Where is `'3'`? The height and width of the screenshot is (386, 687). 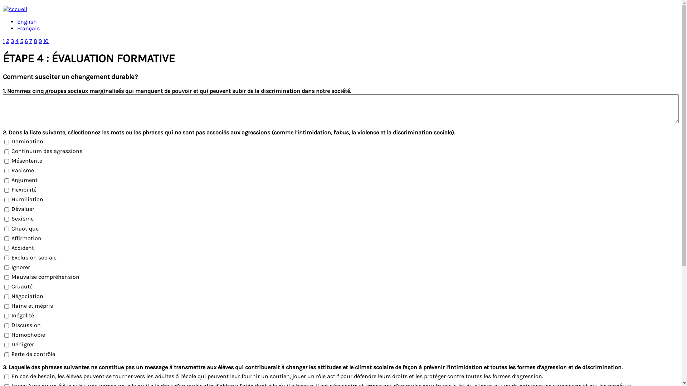
'3' is located at coordinates (12, 41).